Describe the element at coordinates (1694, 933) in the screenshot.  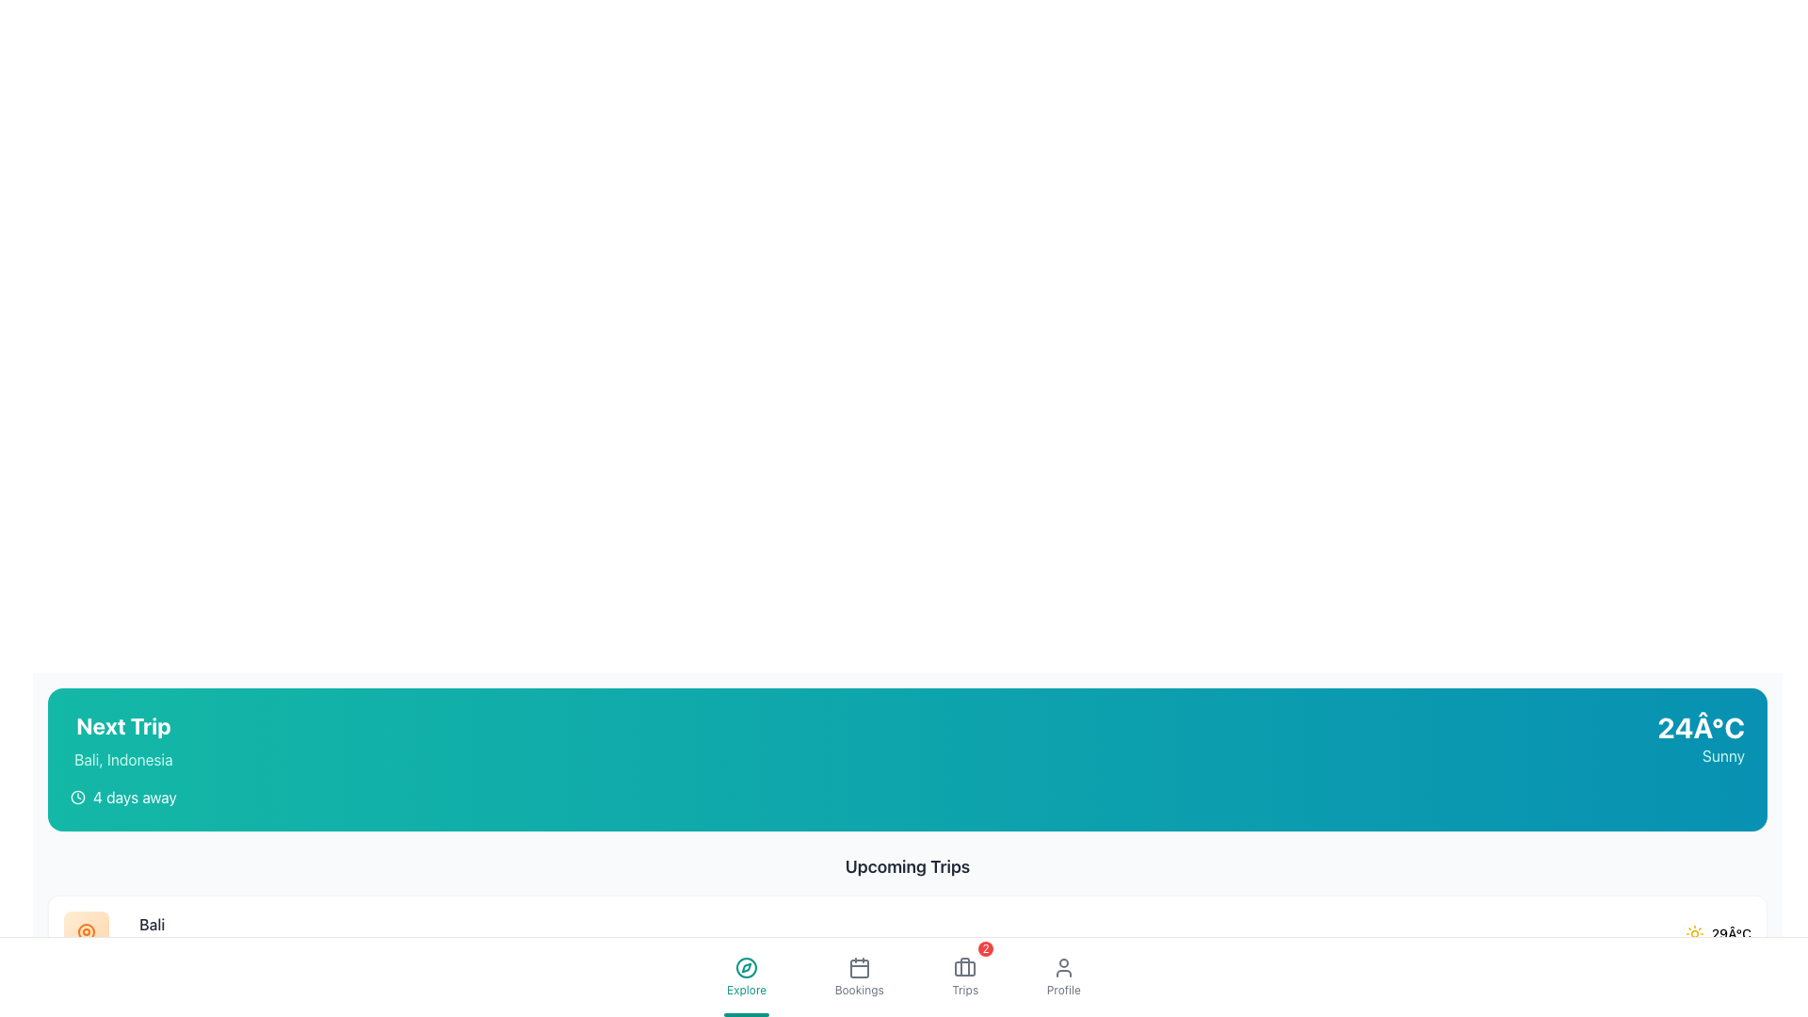
I see `the weather icon representing sunny conditions, located in the lower right section of the UI, next to the temperature reading '29Â°C'` at that location.